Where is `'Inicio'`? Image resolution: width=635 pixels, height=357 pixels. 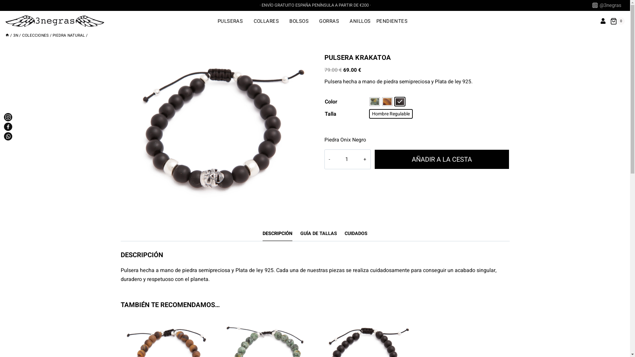 'Inicio' is located at coordinates (7, 35).